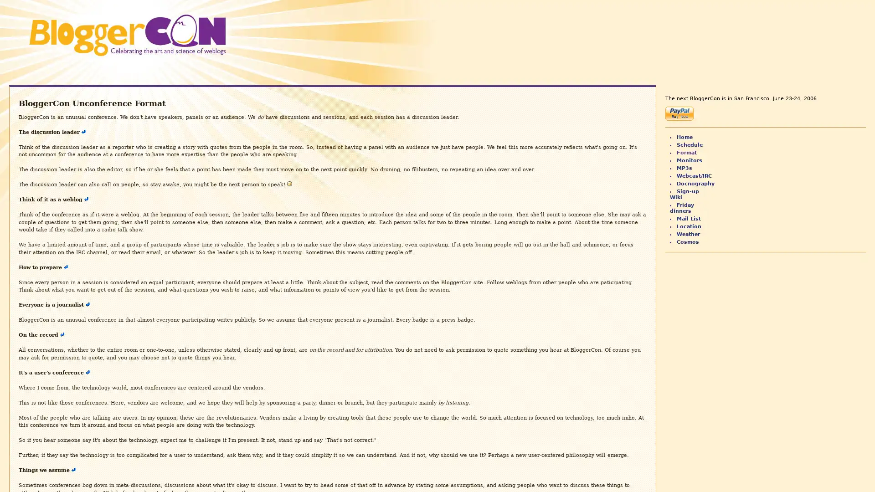  Describe the element at coordinates (679, 113) in the screenshot. I see `Make payments with PayPal - it's fast, free and secure!` at that location.